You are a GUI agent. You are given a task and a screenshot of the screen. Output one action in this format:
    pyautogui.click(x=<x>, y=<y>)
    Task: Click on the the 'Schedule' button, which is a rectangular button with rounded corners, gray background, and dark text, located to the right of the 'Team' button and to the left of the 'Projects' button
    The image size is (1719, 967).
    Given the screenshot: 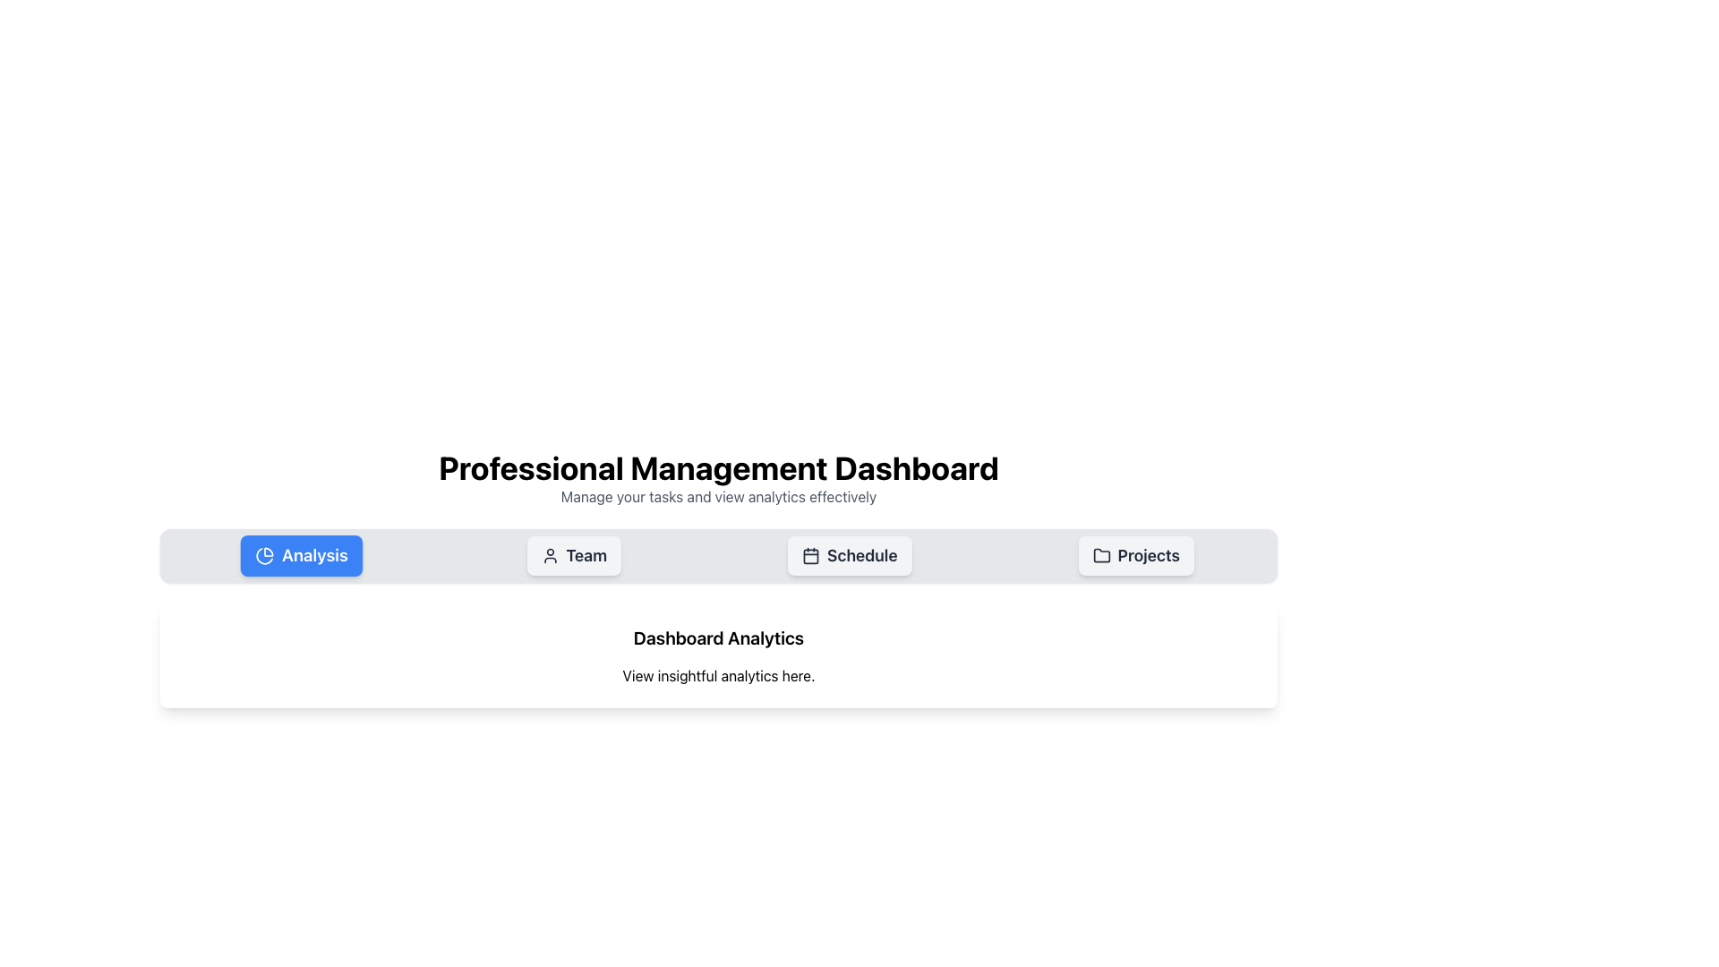 What is the action you would take?
    pyautogui.click(x=849, y=555)
    